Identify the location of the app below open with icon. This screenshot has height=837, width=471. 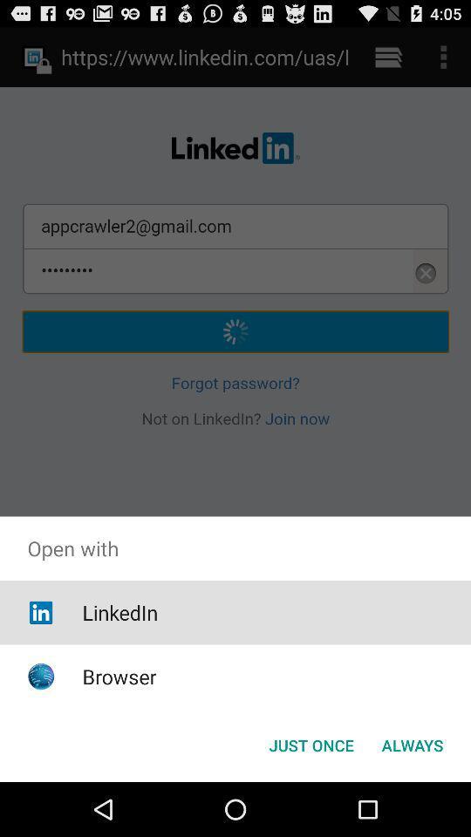
(412, 744).